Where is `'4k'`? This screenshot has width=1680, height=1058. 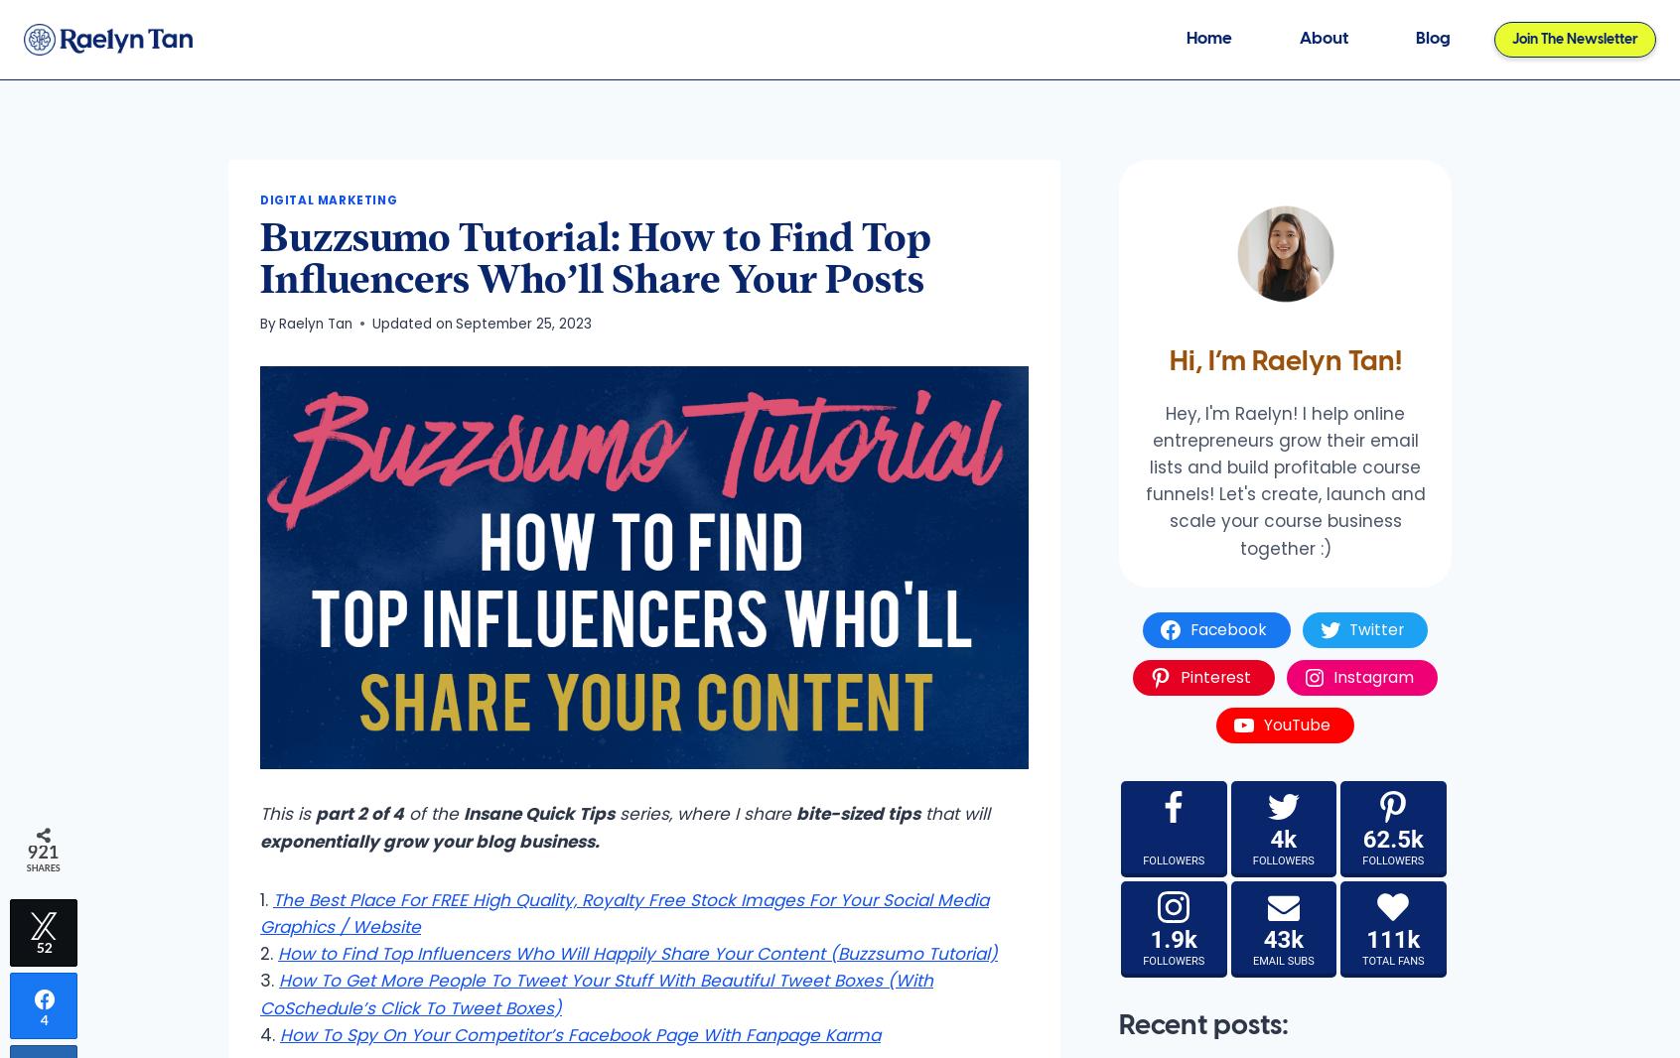 '4k' is located at coordinates (1282, 839).